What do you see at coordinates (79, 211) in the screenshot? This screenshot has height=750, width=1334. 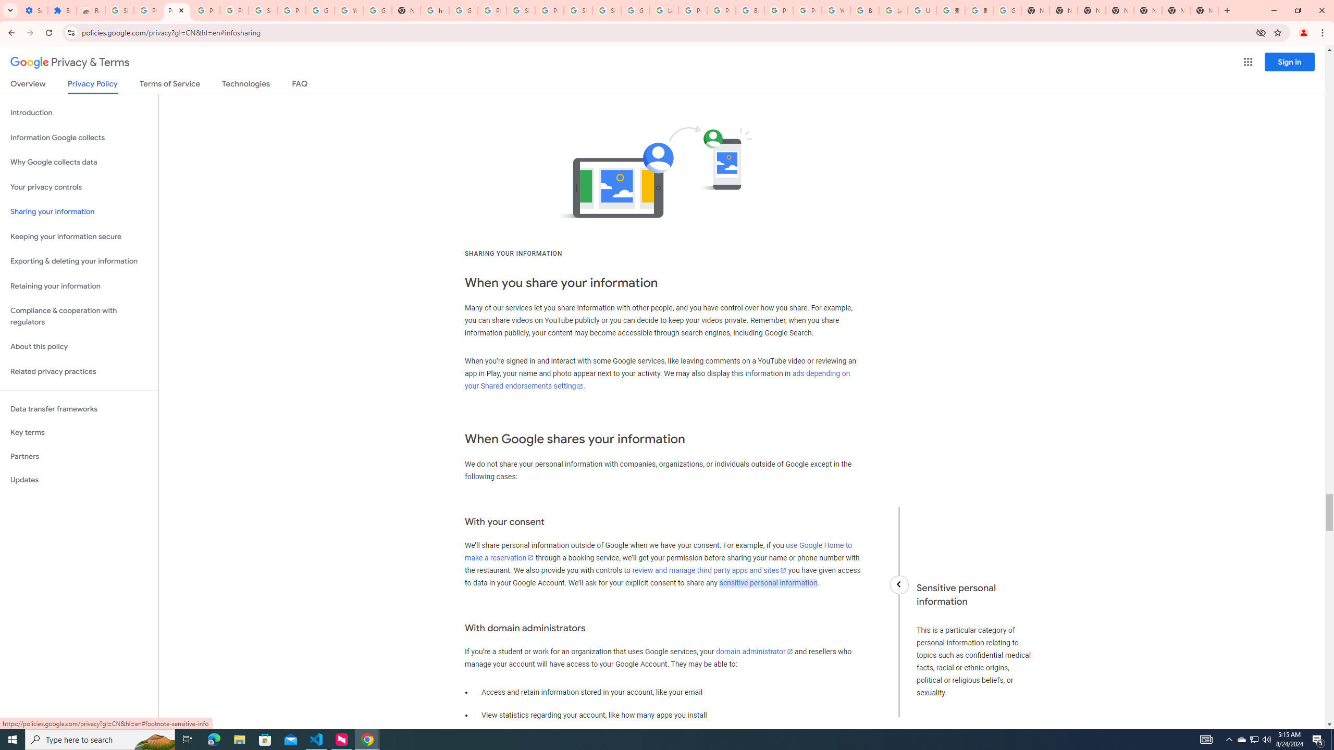 I see `'Sharing your information'` at bounding box center [79, 211].